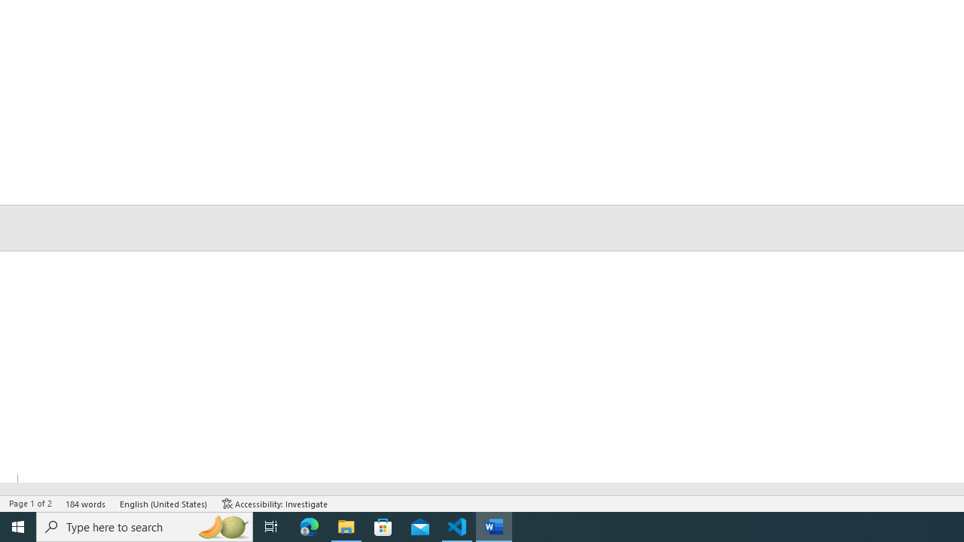  Describe the element at coordinates (275, 504) in the screenshot. I see `'Accessibility Checker Accessibility: Investigate'` at that location.